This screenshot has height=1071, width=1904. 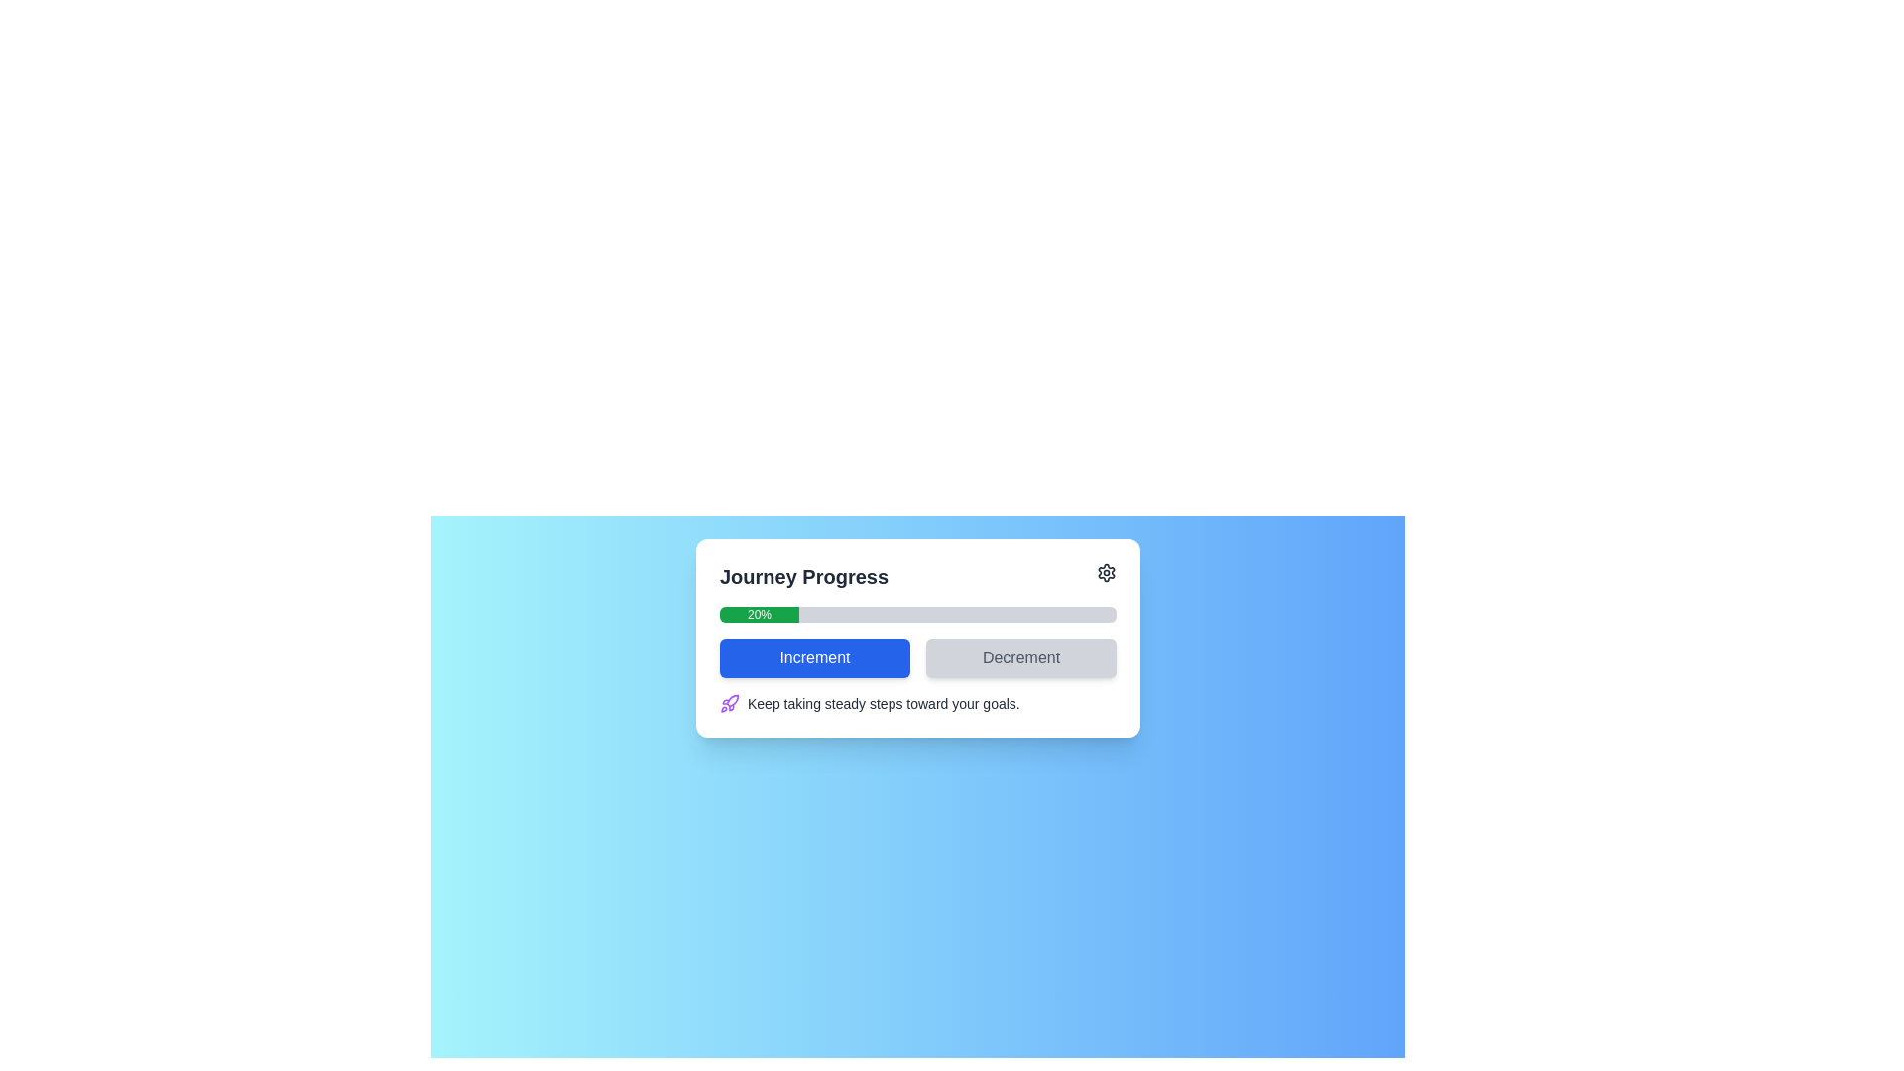 I want to click on the 'Increment' button, which is a rectangular button with a blue background and white text, located under a progress bar labeled '20%', so click(x=814, y=657).